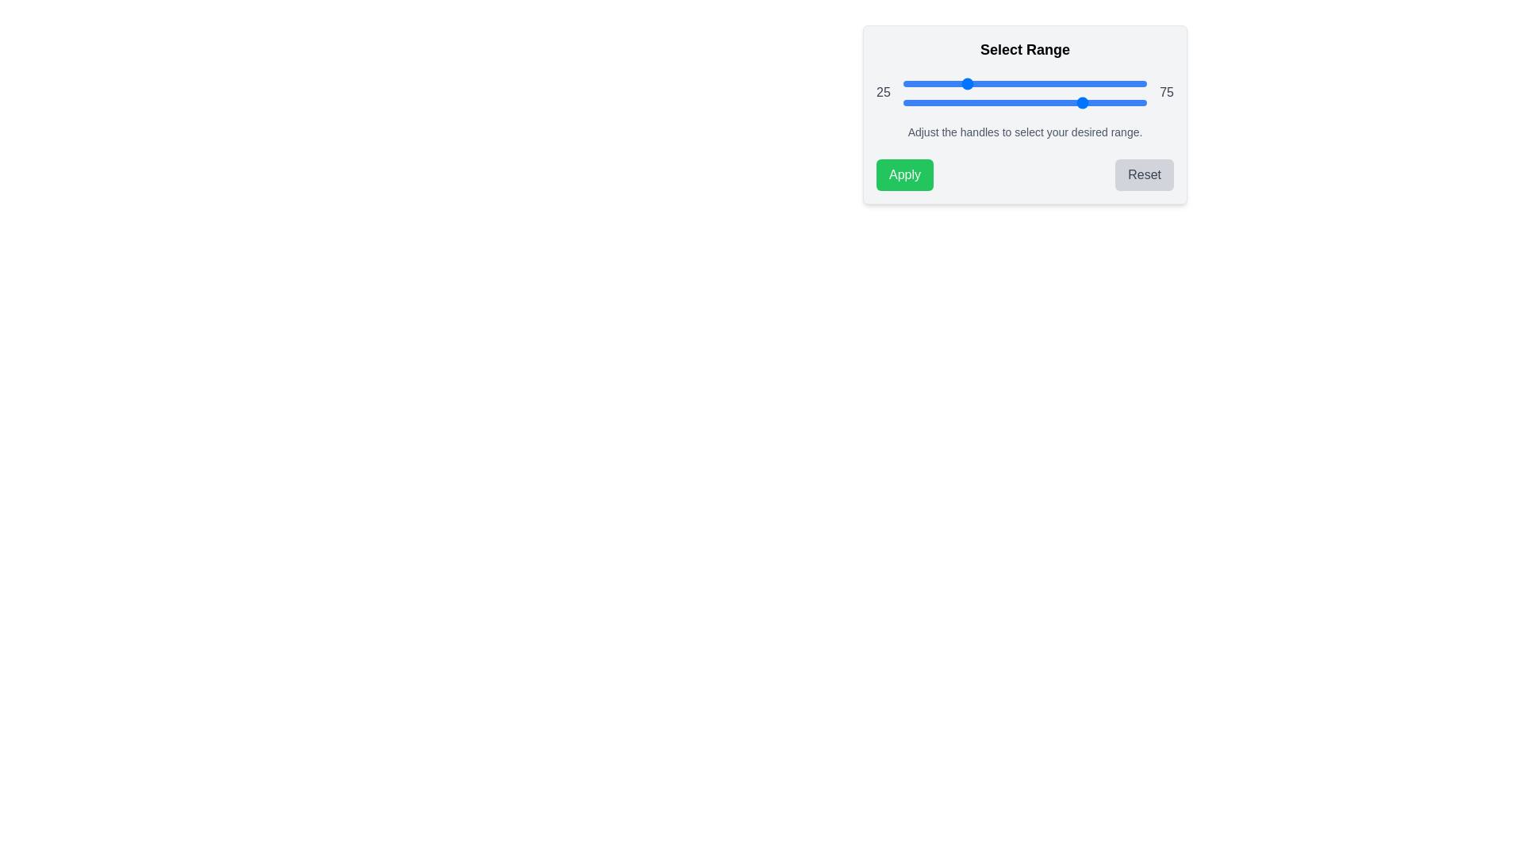 This screenshot has height=856, width=1523. Describe the element at coordinates (1099, 103) in the screenshot. I see `the slider value` at that location.